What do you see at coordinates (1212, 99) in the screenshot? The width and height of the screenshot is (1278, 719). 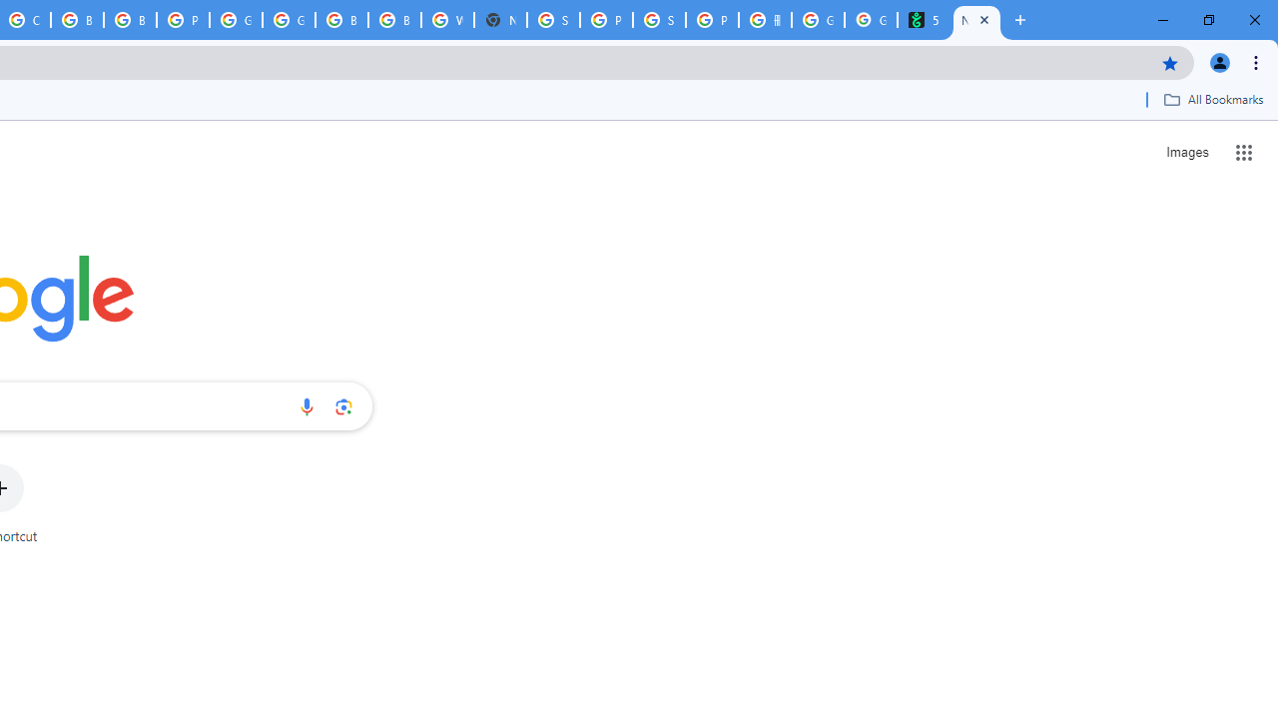 I see `'All Bookmarks'` at bounding box center [1212, 99].